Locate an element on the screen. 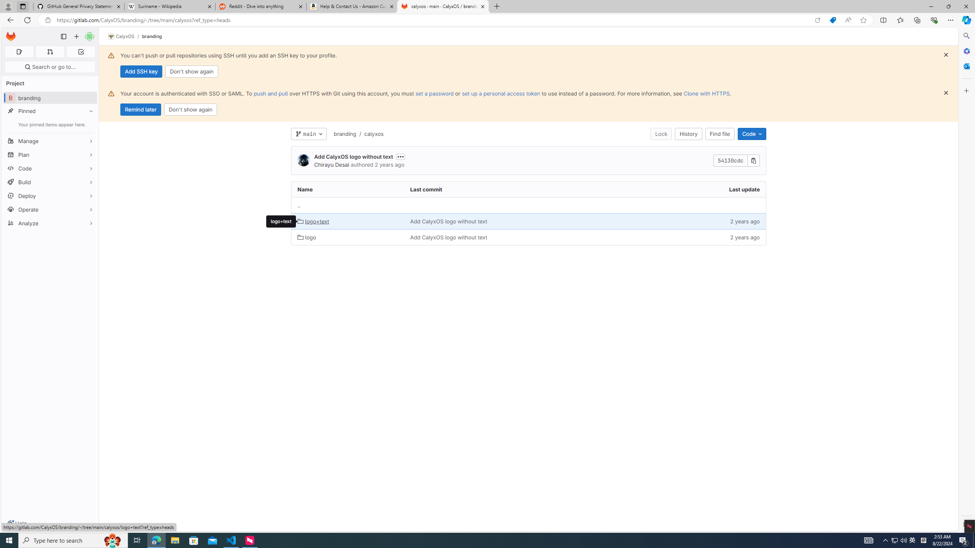  'Add SSH key' is located at coordinates (141, 71).